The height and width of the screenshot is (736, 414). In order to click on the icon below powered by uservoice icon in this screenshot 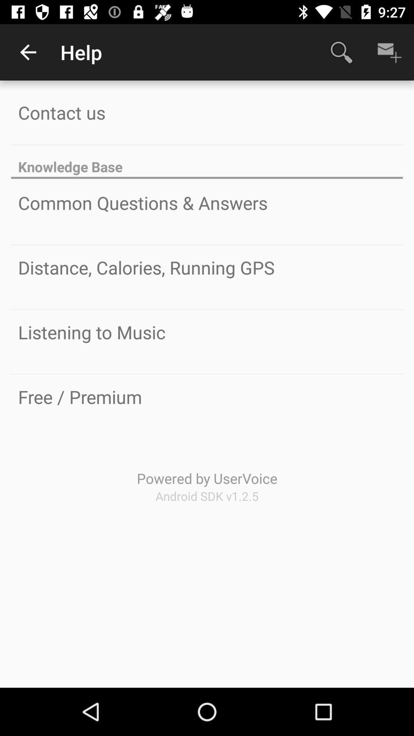, I will do `click(207, 496)`.